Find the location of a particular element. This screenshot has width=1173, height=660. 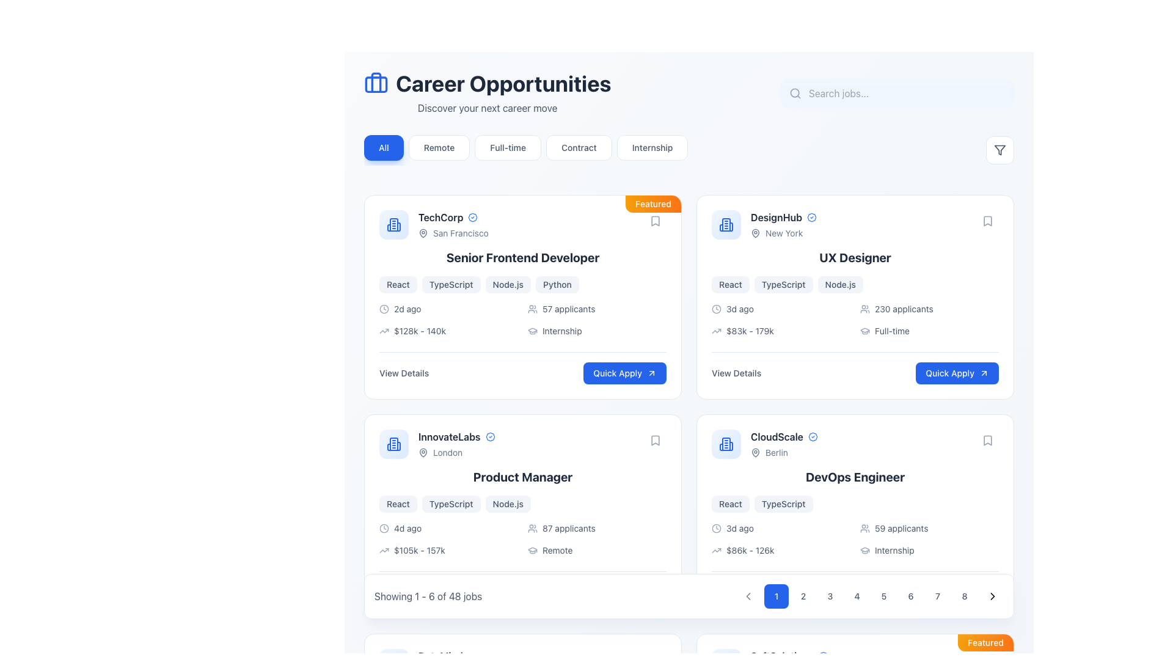

the 'Berlin' text with a pin icon located in the second row of the information card for 'CloudScale' is located at coordinates (784, 452).